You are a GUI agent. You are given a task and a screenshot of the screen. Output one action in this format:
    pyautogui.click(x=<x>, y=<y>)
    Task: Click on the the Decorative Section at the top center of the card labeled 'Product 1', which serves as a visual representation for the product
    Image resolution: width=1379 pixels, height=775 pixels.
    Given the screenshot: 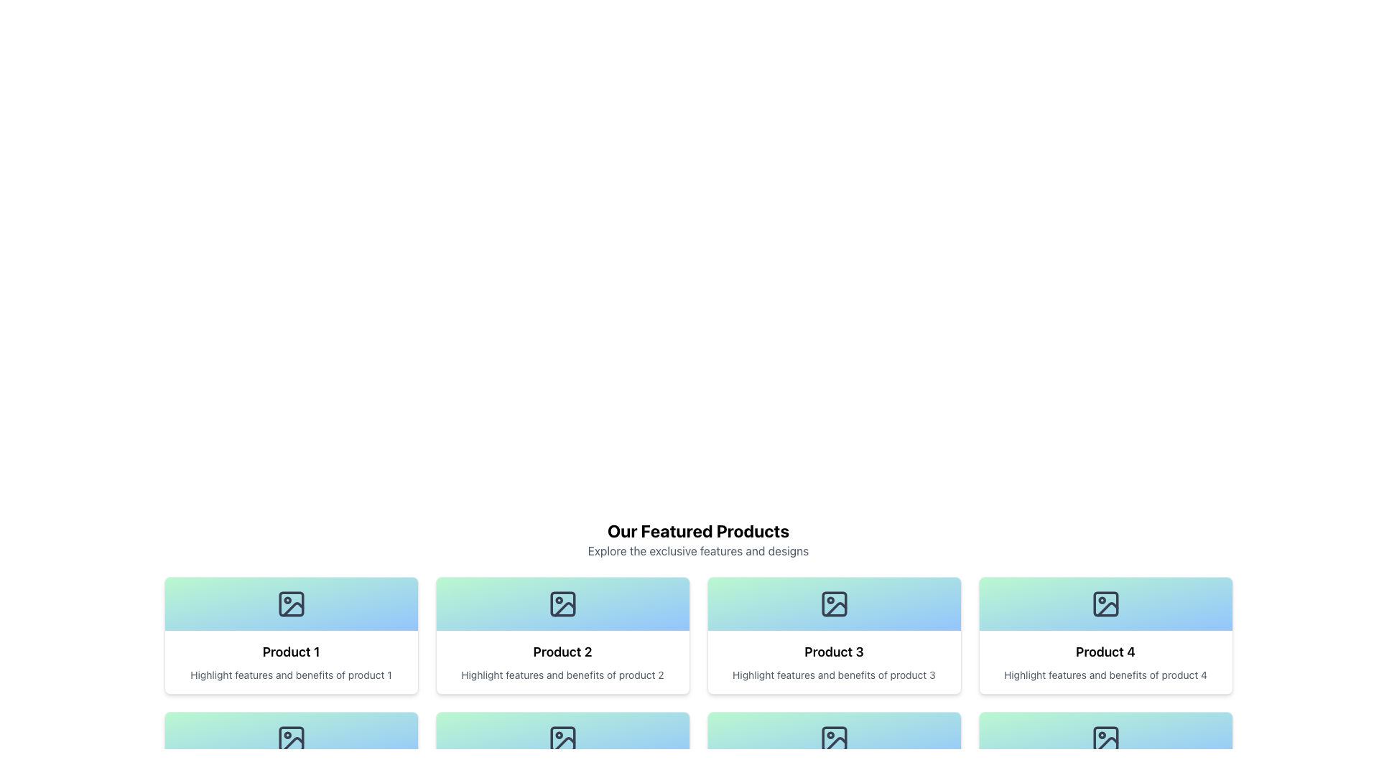 What is the action you would take?
    pyautogui.click(x=290, y=603)
    